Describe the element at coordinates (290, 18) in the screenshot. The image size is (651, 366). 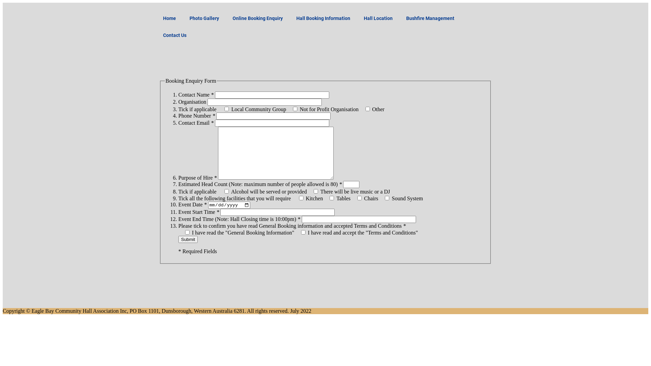
I see `'Hall Booking Information'` at that location.